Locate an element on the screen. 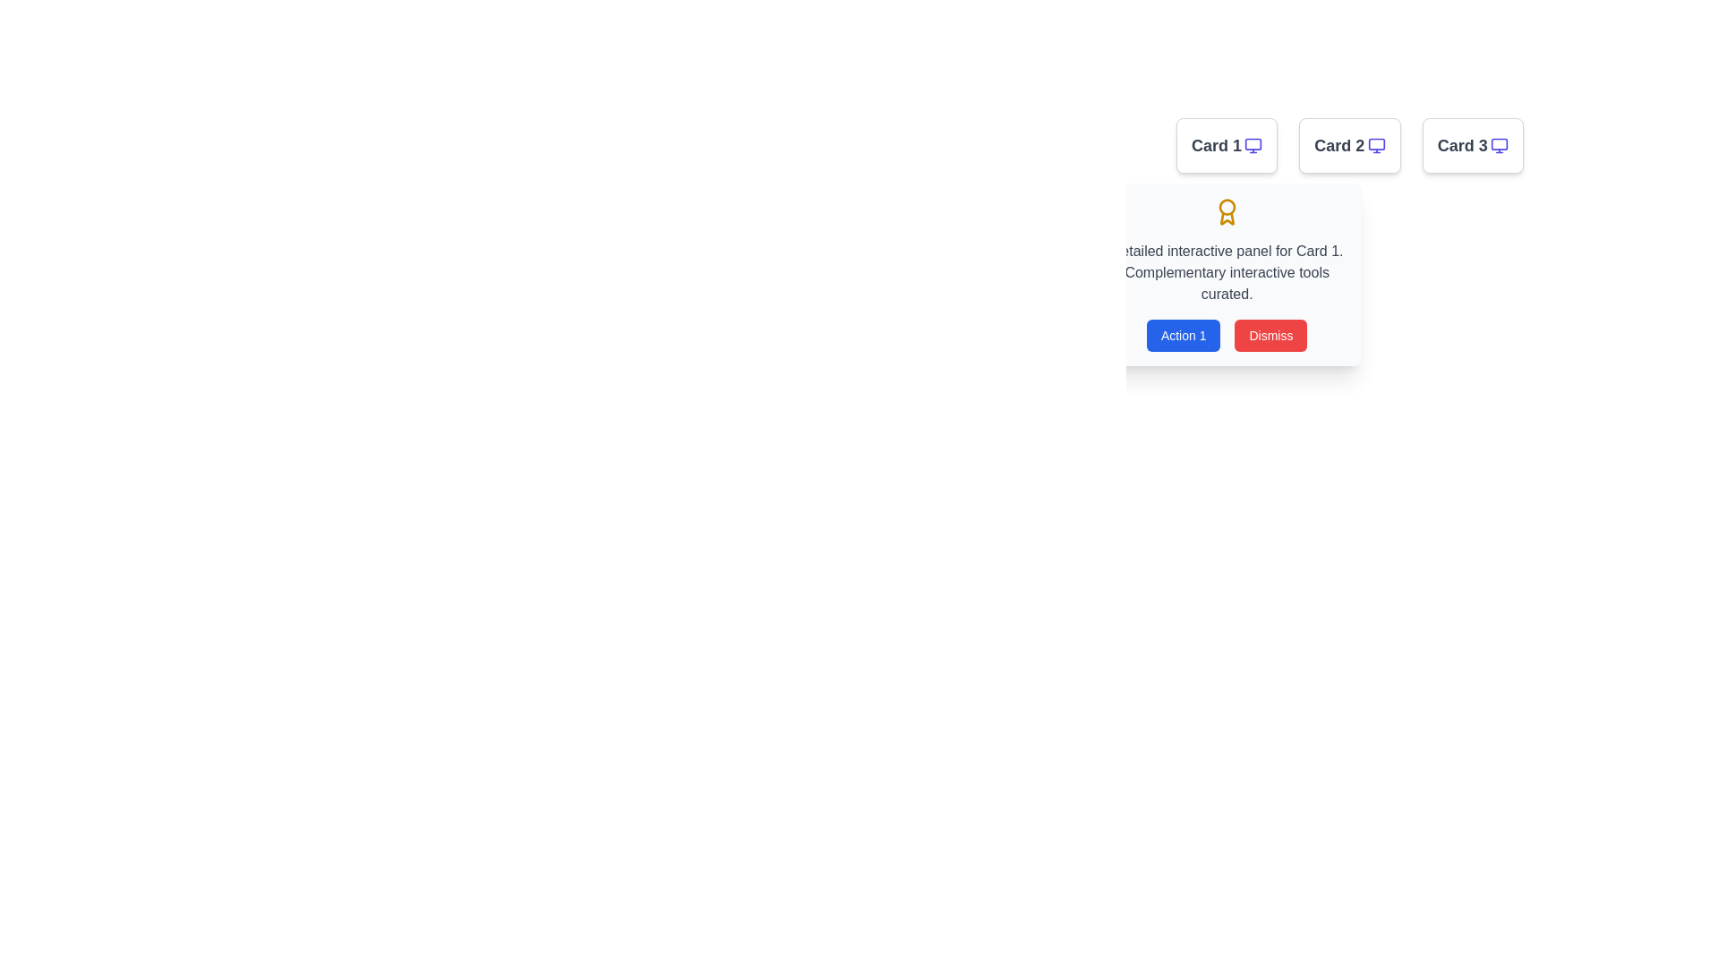  the ribbon-like design at the bottom of the award icon, which is part of the SVG graphic representation is located at coordinates (1226, 218).